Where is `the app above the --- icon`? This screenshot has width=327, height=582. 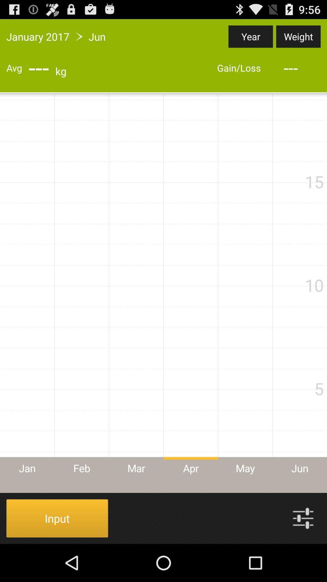 the app above the --- icon is located at coordinates (251, 36).